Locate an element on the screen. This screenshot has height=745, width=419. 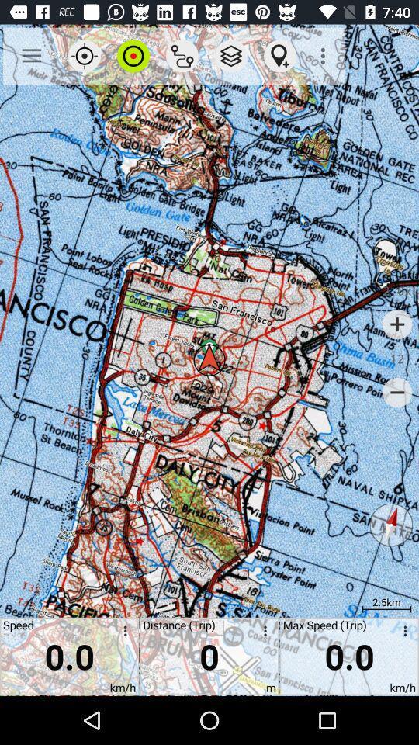
options for speed is located at coordinates (122, 633).